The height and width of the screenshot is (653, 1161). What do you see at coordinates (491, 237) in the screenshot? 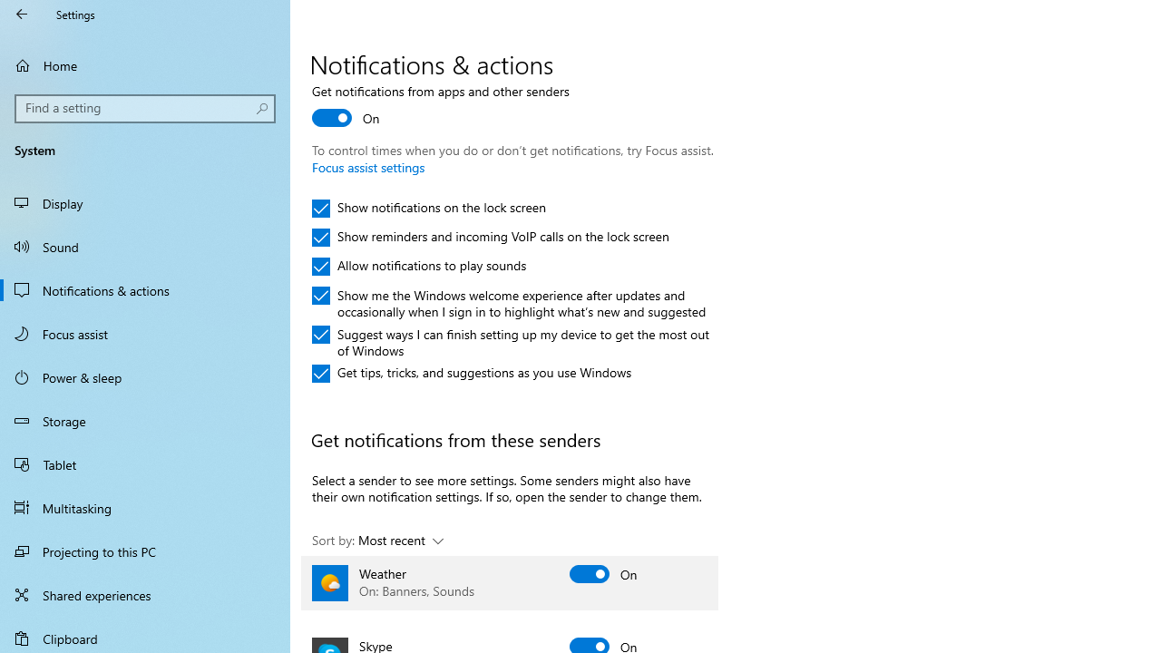
I see `'Show reminders and incoming VoIP calls on the lock screen'` at bounding box center [491, 237].